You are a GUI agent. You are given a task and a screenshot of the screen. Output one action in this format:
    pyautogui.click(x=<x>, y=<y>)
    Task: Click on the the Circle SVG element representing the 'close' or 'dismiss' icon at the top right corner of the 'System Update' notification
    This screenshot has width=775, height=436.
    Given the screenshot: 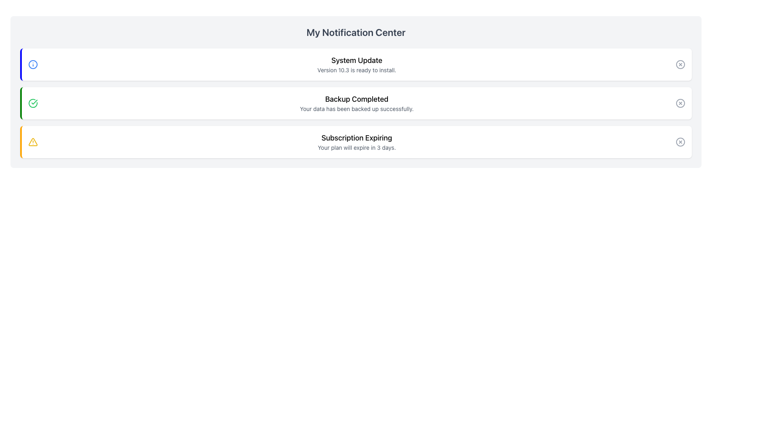 What is the action you would take?
    pyautogui.click(x=680, y=64)
    